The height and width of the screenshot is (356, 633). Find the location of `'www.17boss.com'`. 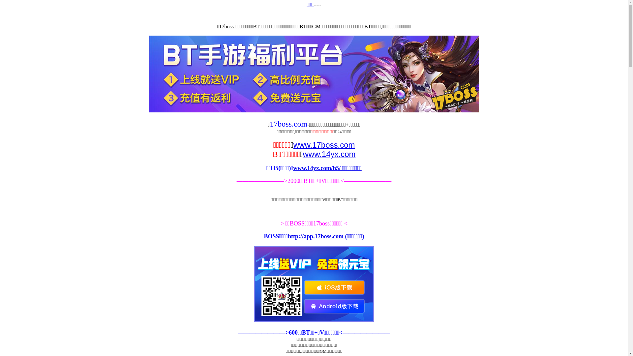

'www.17boss.com' is located at coordinates (324, 144).